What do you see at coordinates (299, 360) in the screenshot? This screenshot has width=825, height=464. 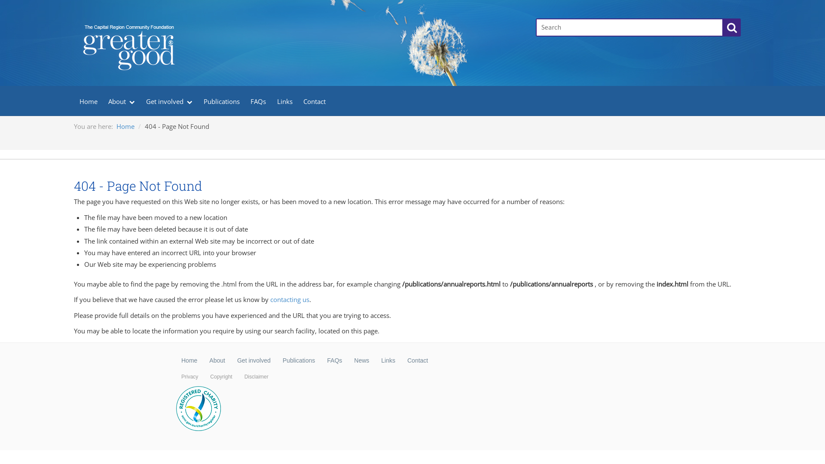 I see `'Publications'` at bounding box center [299, 360].